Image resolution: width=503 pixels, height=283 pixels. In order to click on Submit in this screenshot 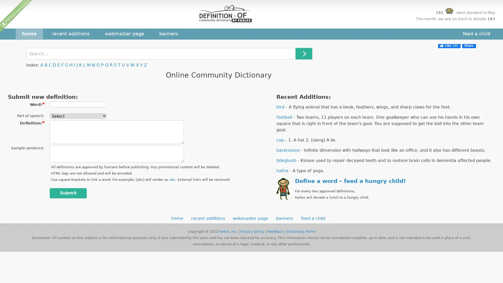, I will do `click(68, 193)`.